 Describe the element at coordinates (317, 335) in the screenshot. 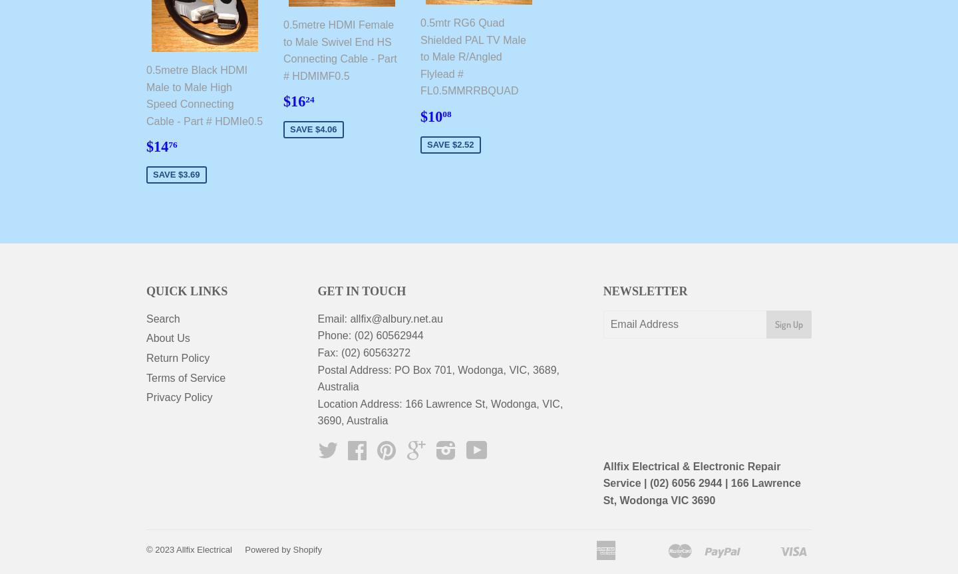

I see `'Phone: (02) 60562944'` at that location.